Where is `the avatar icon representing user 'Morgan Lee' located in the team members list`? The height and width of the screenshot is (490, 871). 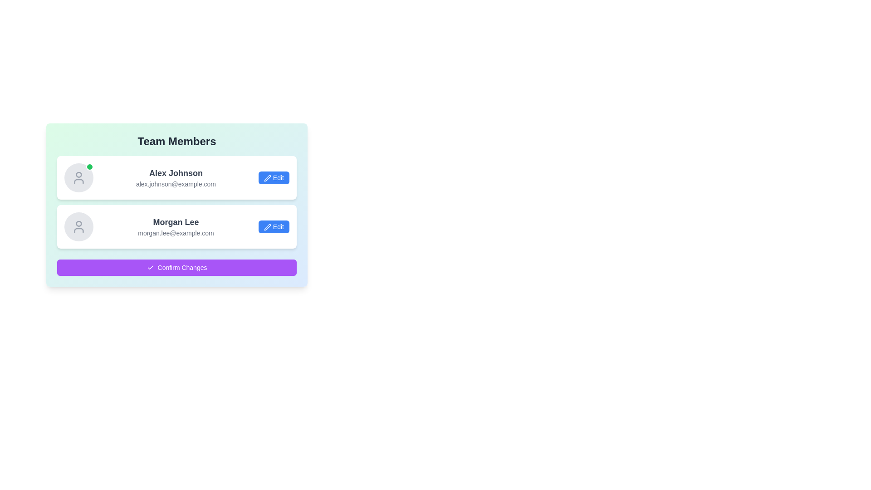
the avatar icon representing user 'Morgan Lee' located in the team members list is located at coordinates (78, 226).